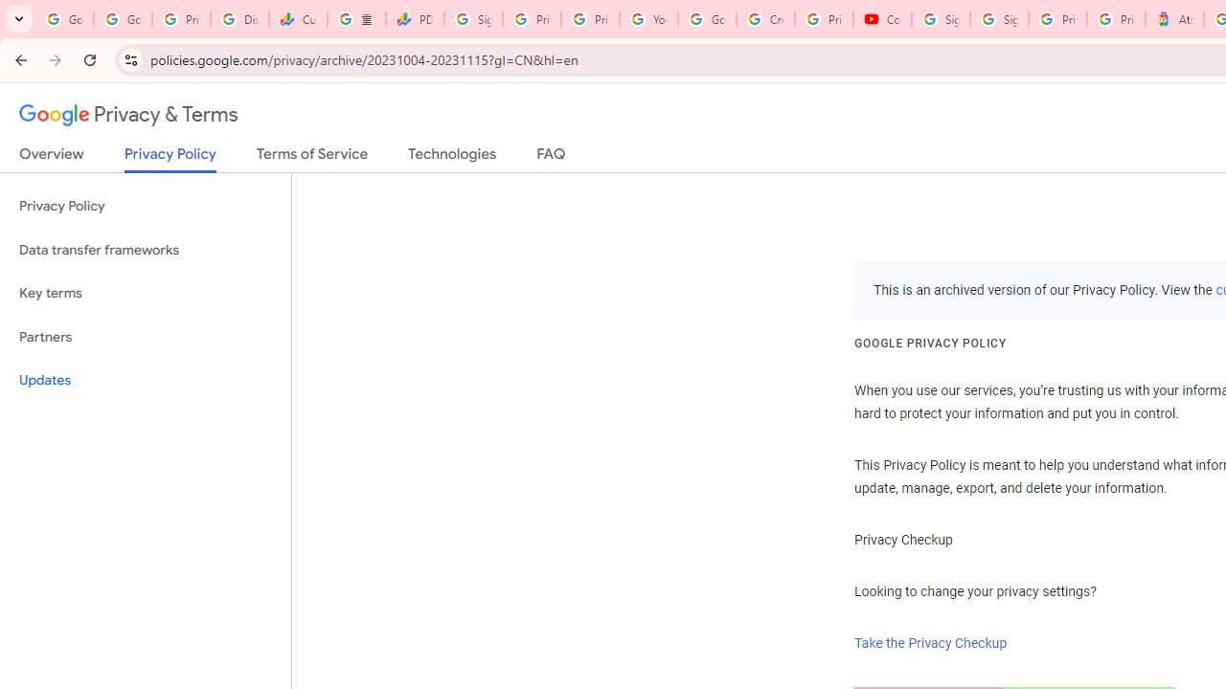  Describe the element at coordinates (648, 19) in the screenshot. I see `'YouTube'` at that location.